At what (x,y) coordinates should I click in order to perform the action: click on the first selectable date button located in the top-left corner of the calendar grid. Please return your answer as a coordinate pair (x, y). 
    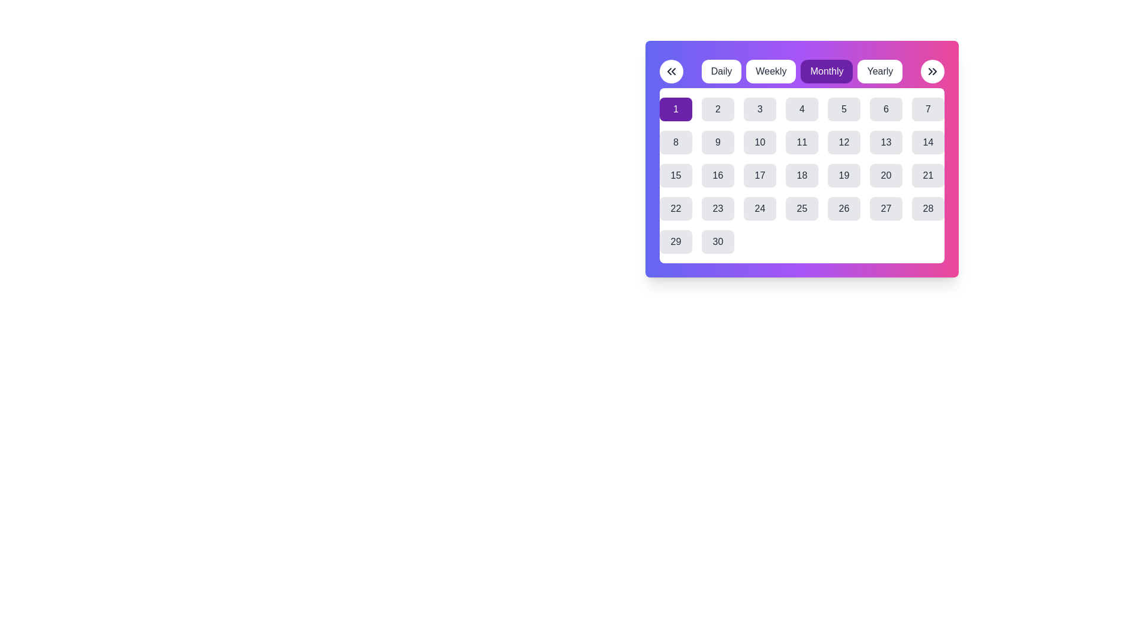
    Looking at the image, I should click on (676, 109).